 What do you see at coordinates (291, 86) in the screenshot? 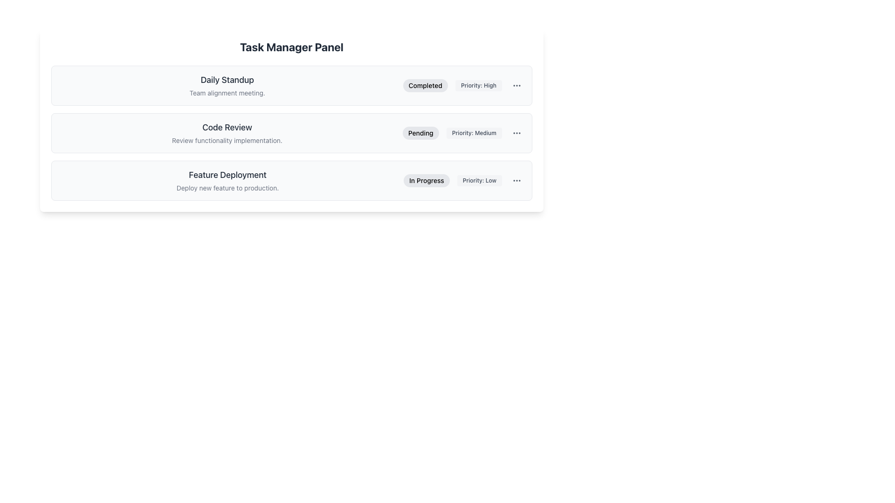
I see `the status indicator of the first task card in the Task Manager Panel` at bounding box center [291, 86].